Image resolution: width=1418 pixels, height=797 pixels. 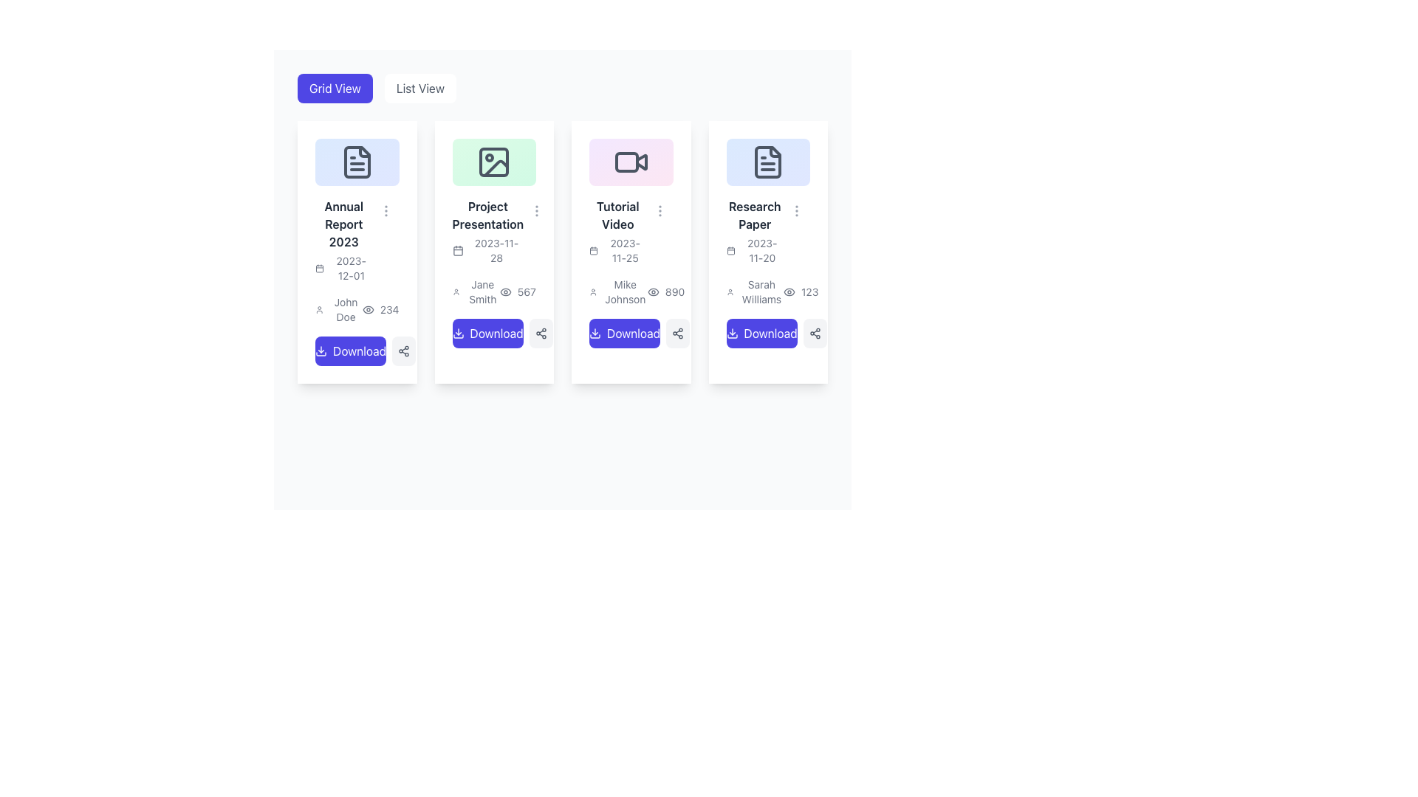 I want to click on the SVG icon resembling a picture frame located at the top of the card labeled 'Project Presentation', so click(x=494, y=162).